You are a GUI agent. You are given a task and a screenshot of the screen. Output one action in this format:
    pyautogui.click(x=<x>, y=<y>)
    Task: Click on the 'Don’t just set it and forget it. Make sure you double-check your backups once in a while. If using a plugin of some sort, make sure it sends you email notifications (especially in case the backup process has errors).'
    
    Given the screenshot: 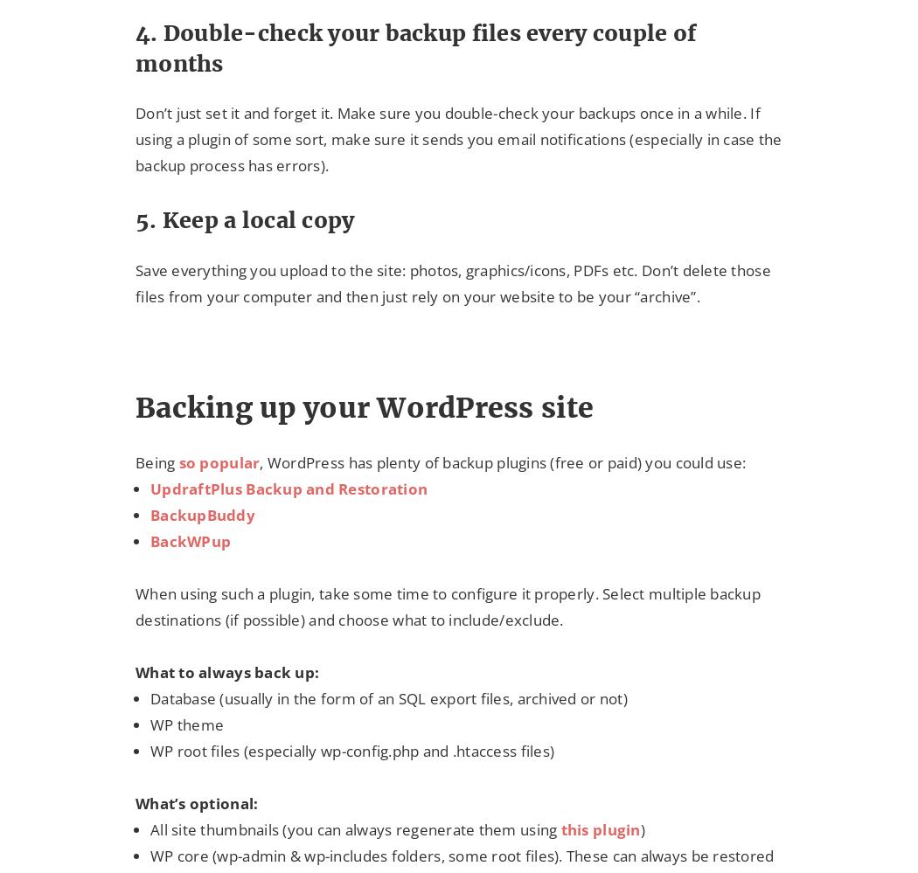 What is the action you would take?
    pyautogui.click(x=135, y=139)
    